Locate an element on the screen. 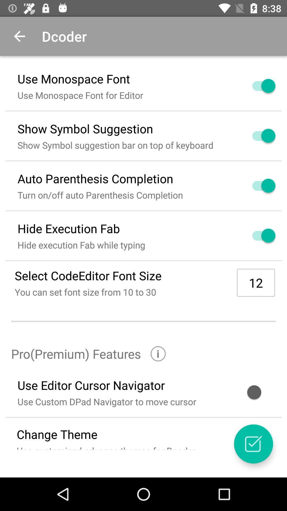 The image size is (287, 511). item to the right of show symbol suggestion is located at coordinates (257, 136).